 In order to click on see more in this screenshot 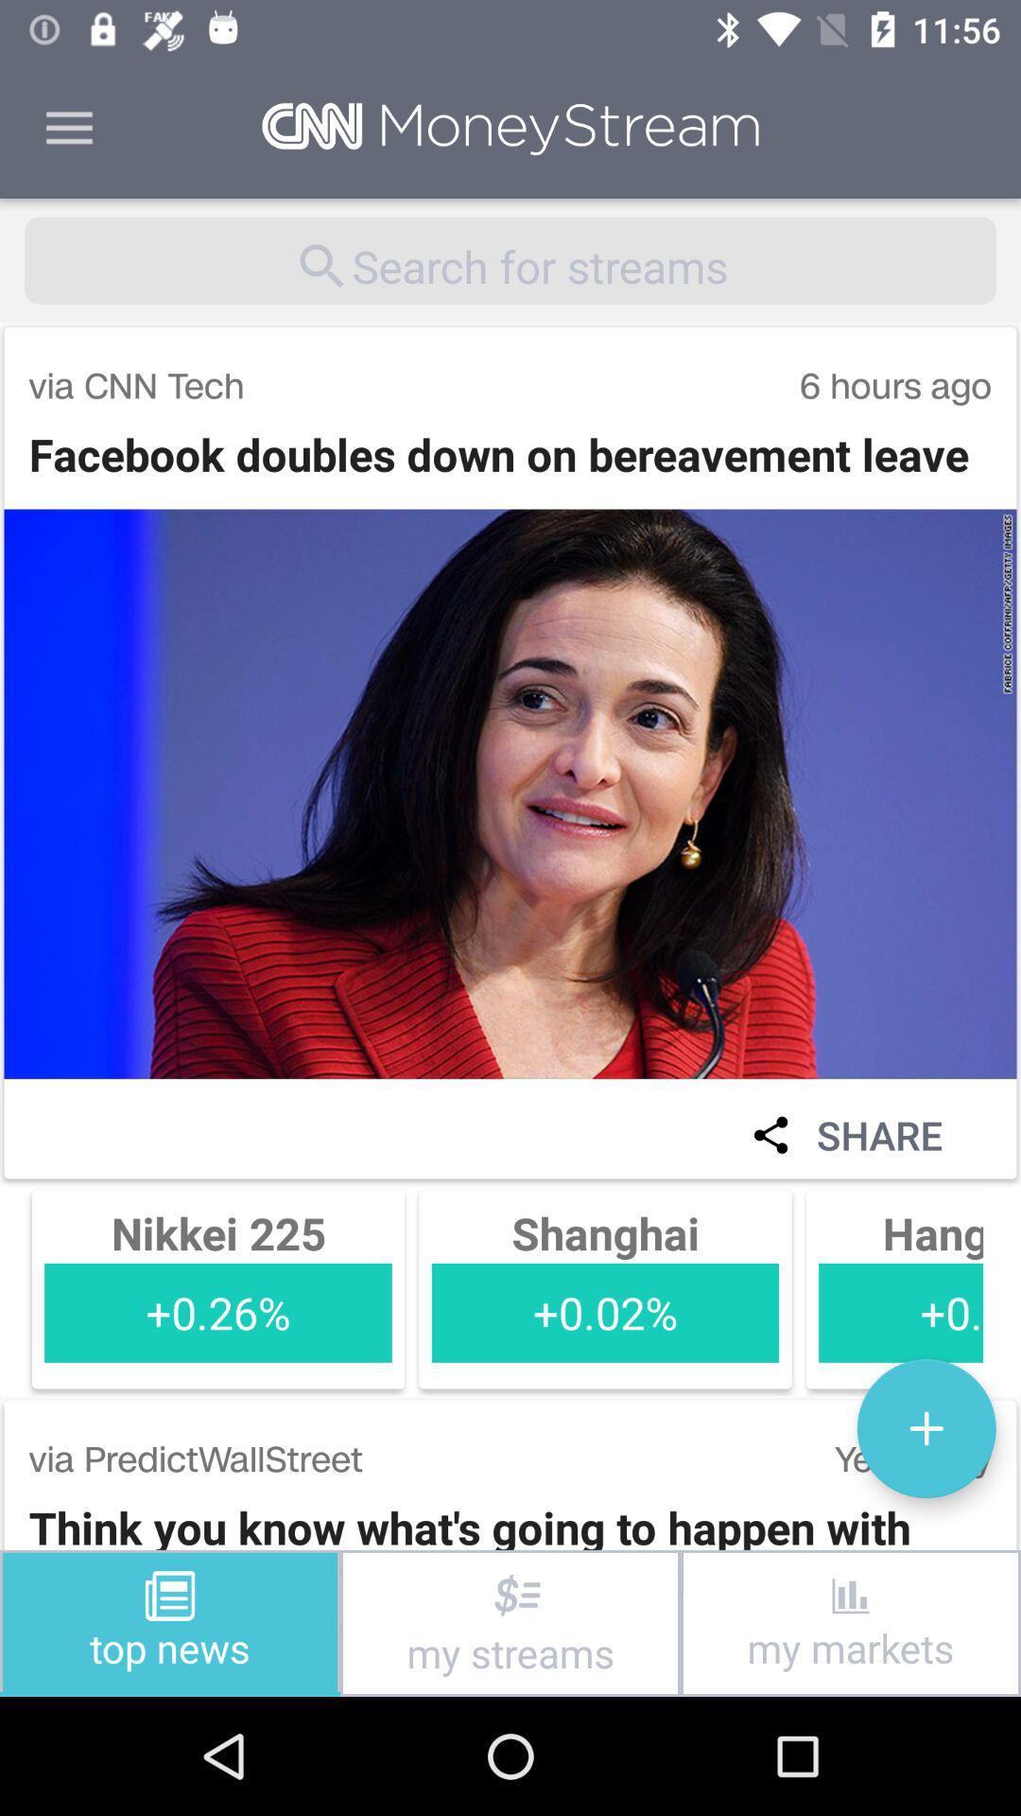, I will do `click(926, 1428)`.